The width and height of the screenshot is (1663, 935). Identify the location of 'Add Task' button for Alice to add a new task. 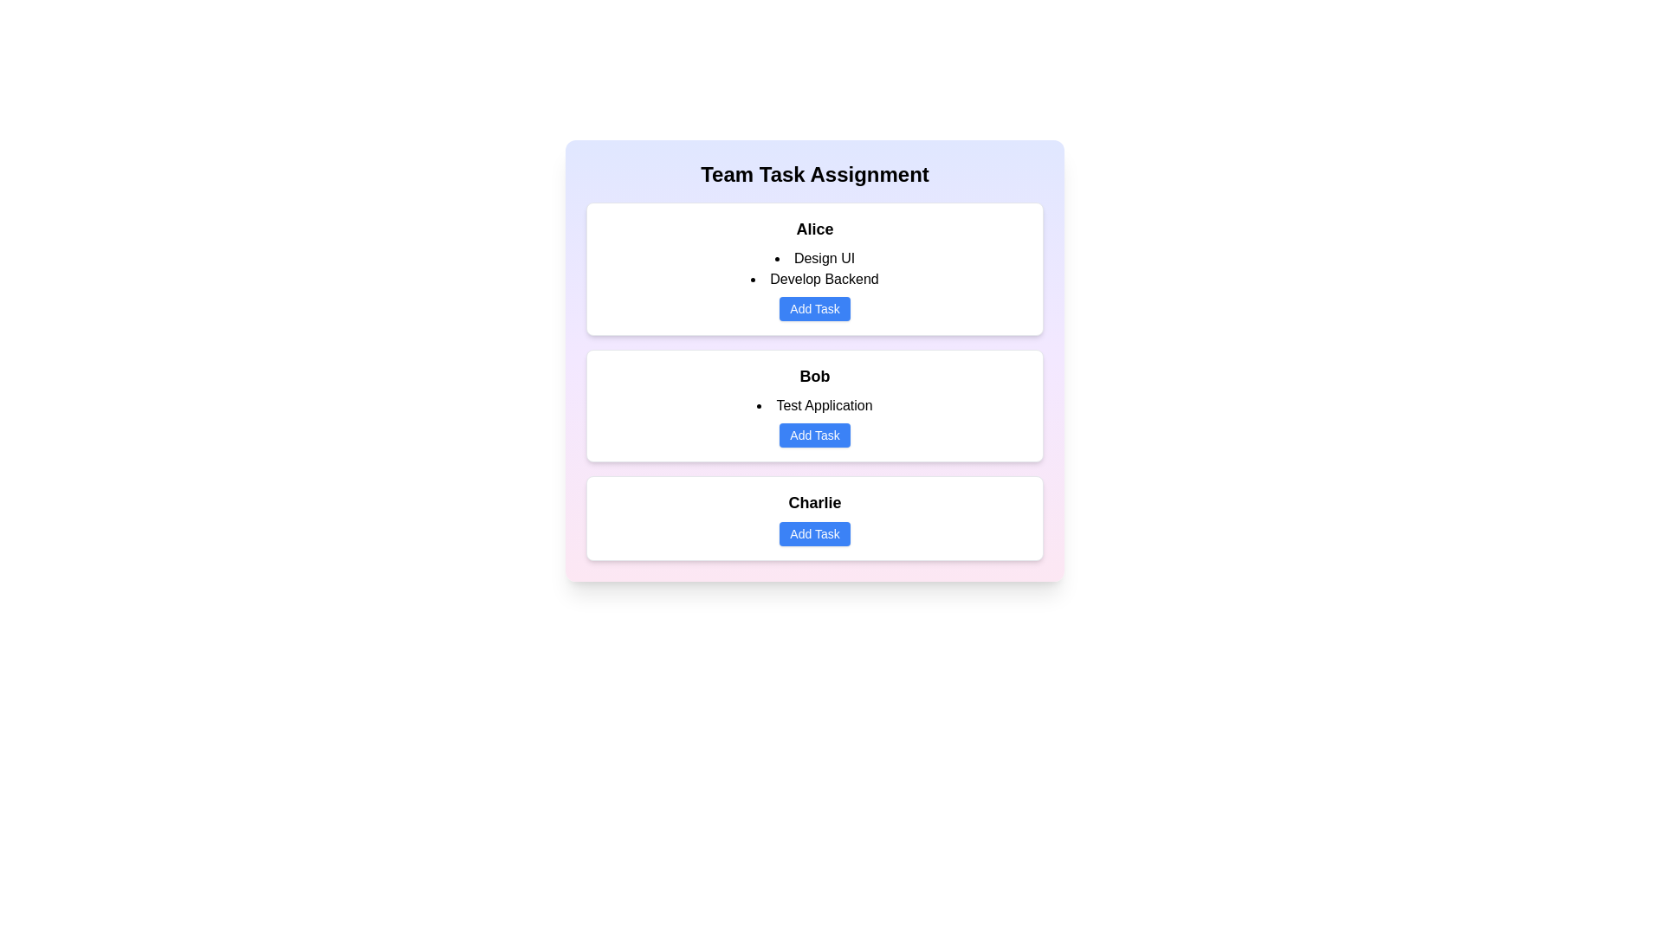
(813, 308).